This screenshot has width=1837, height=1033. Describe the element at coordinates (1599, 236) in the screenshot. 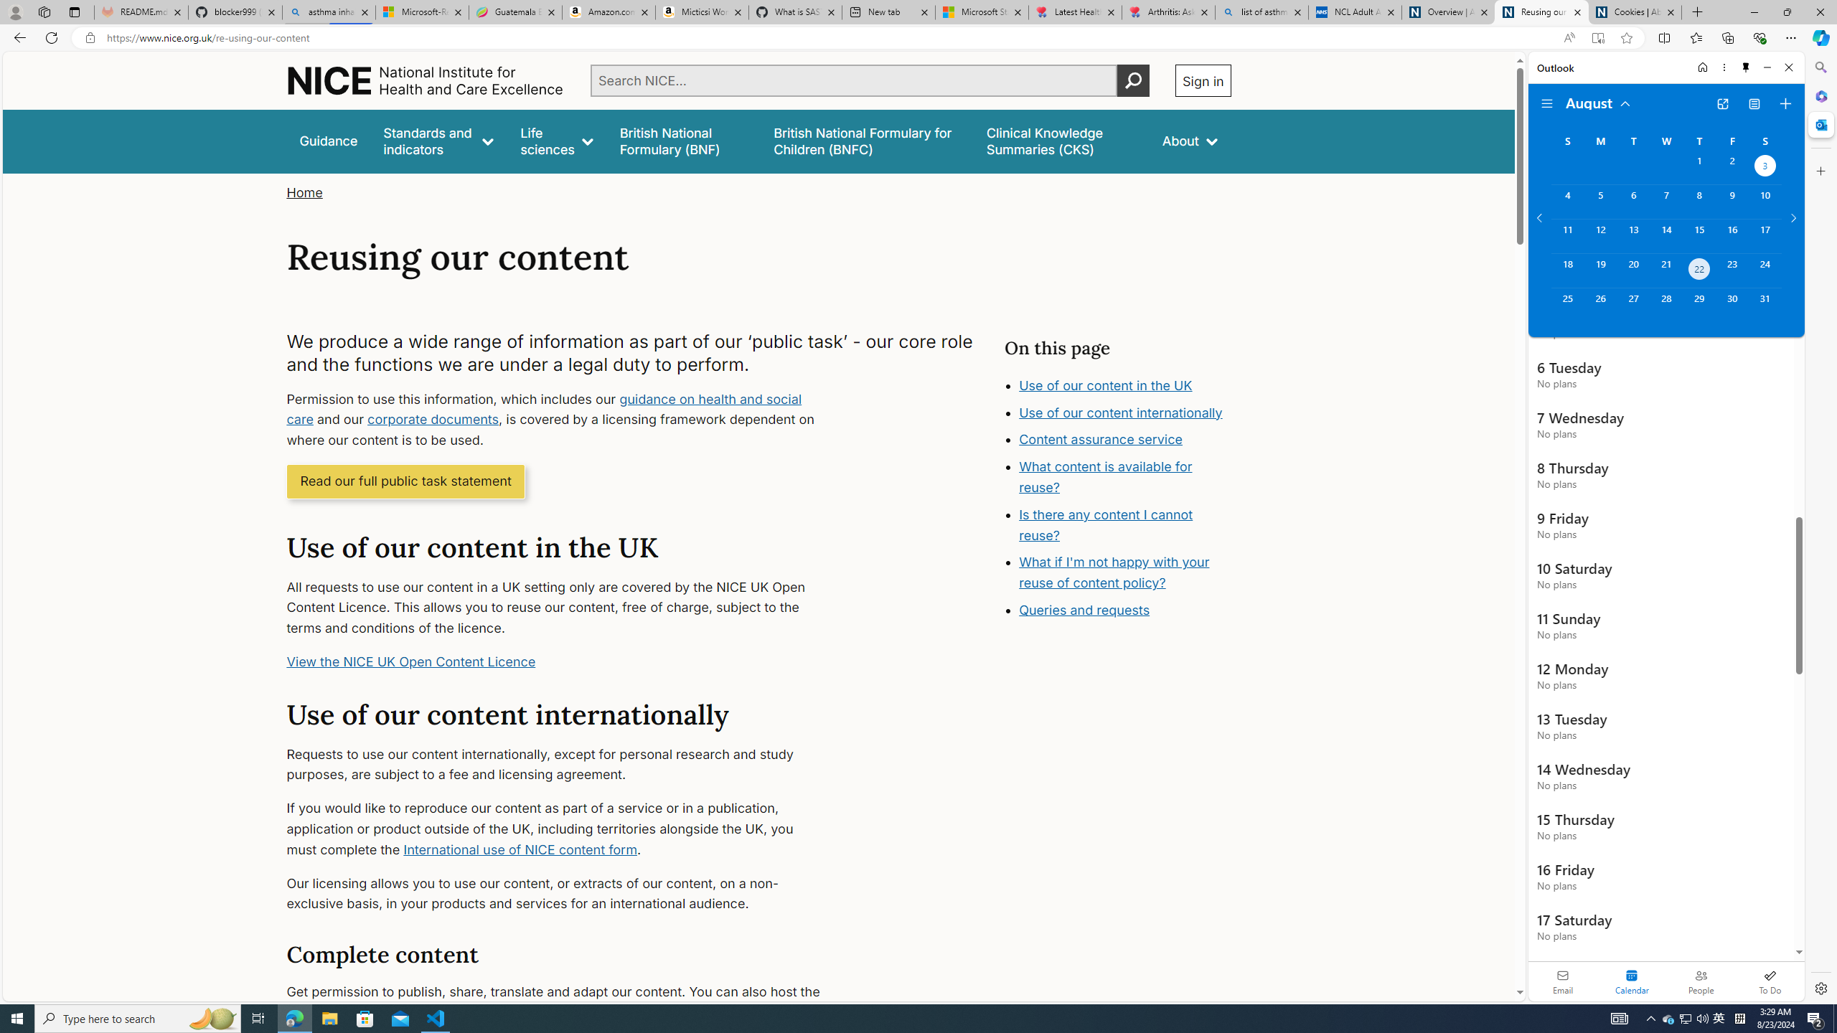

I see `'Monday, August 12, 2024. '` at that location.